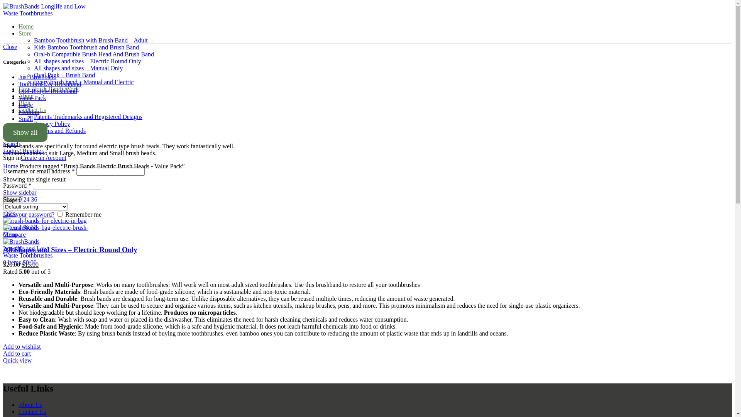  What do you see at coordinates (48, 88) in the screenshot?
I see `'How Brush Bands Work'` at bounding box center [48, 88].